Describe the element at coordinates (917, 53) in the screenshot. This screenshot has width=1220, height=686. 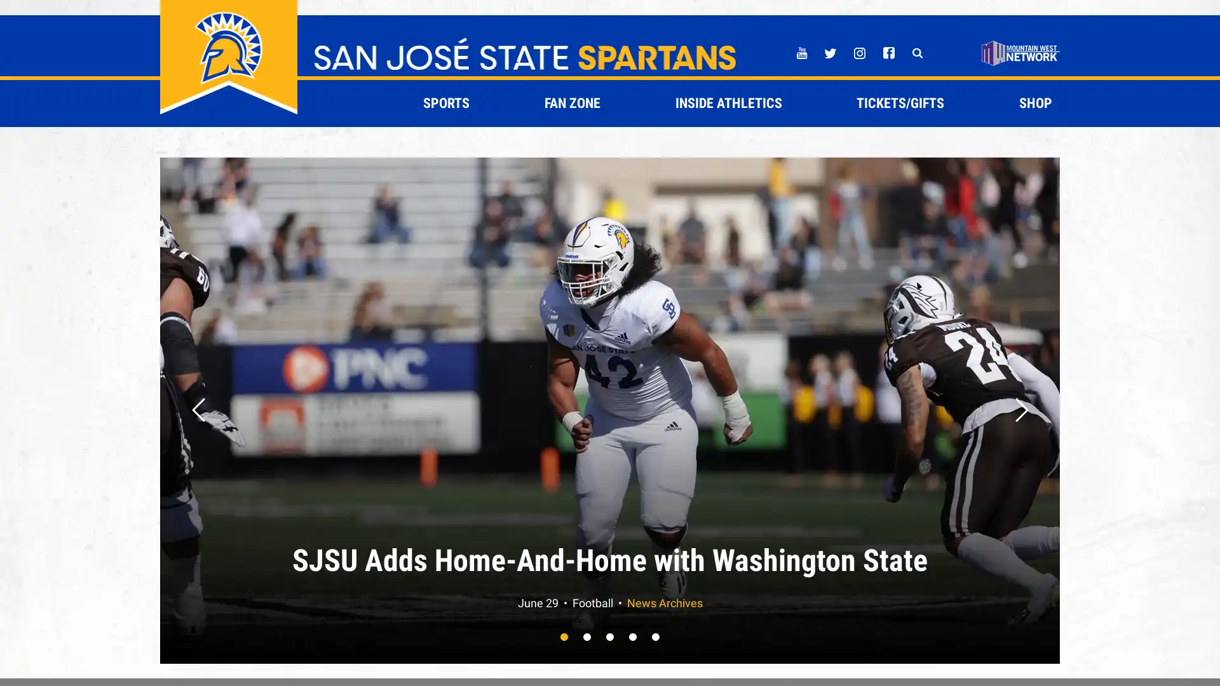
I see `Toggle search form` at that location.